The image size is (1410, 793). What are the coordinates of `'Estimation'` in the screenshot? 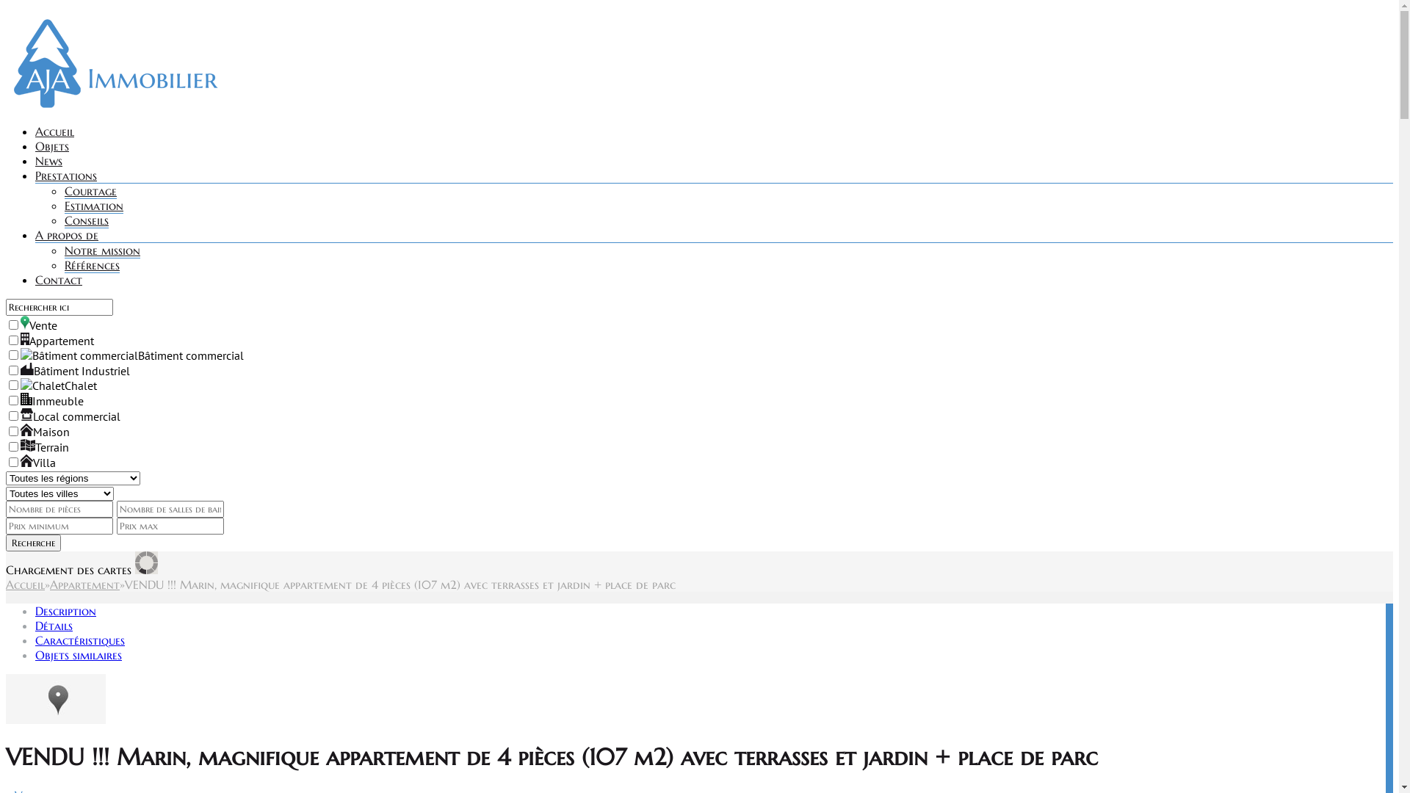 It's located at (93, 206).